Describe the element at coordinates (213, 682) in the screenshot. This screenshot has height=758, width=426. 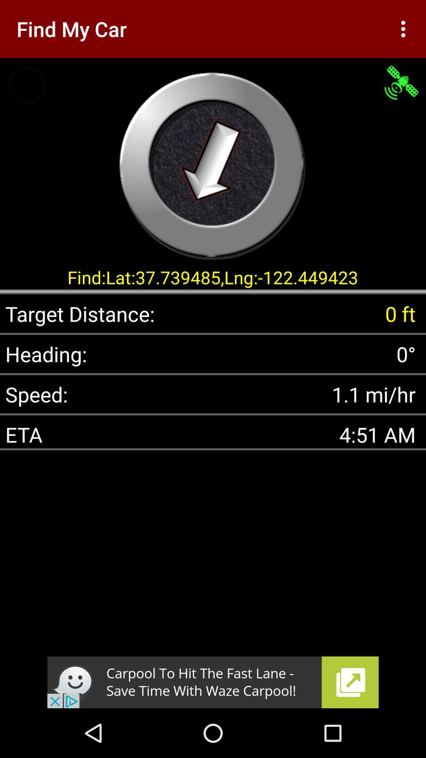
I see `advertisement` at that location.